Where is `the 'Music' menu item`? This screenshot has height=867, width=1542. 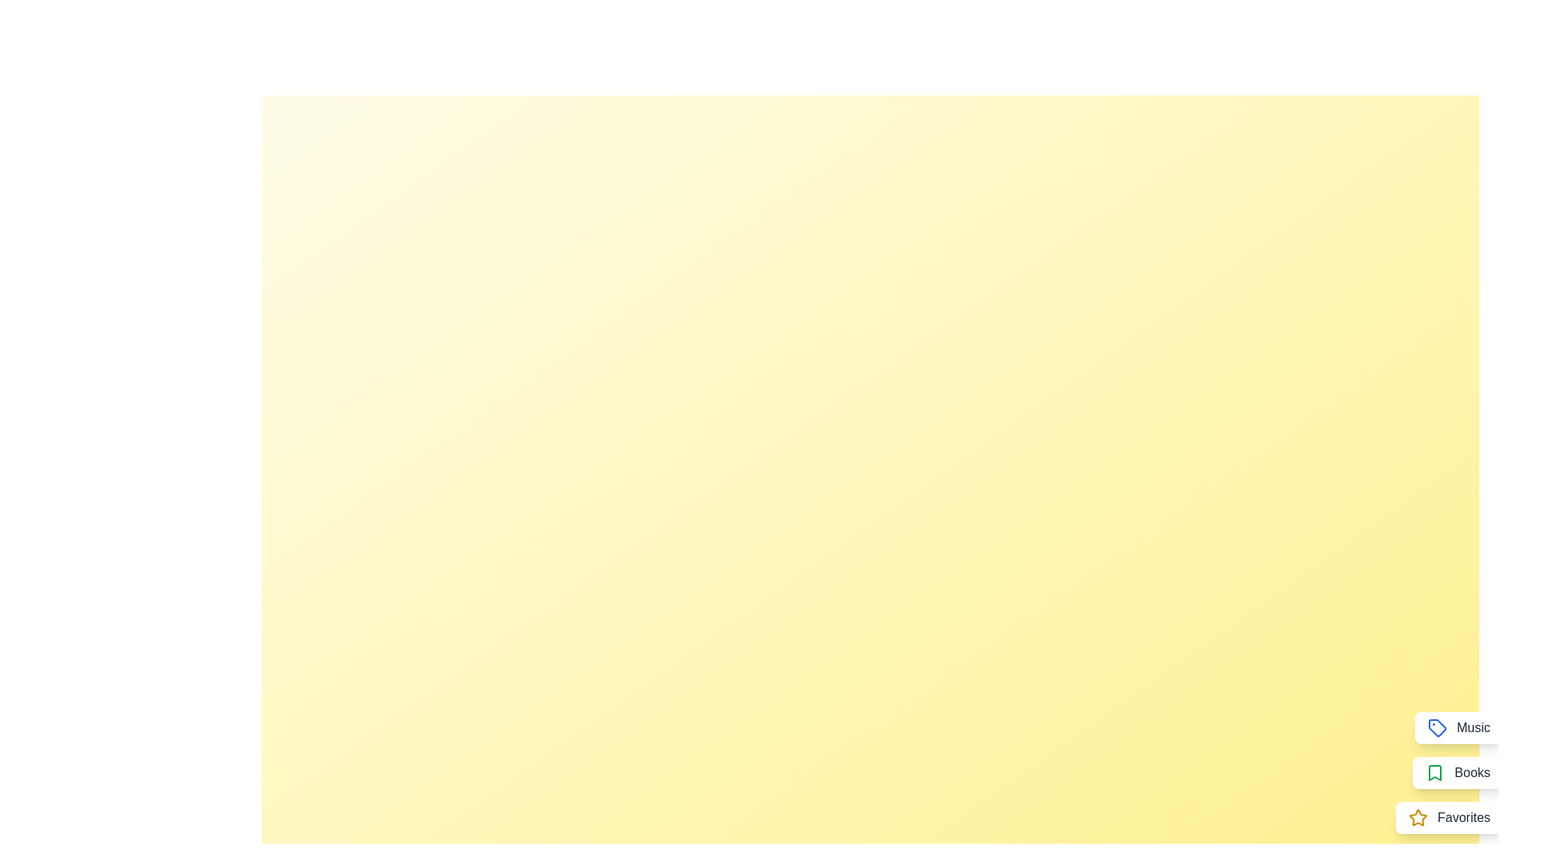
the 'Music' menu item is located at coordinates (1458, 727).